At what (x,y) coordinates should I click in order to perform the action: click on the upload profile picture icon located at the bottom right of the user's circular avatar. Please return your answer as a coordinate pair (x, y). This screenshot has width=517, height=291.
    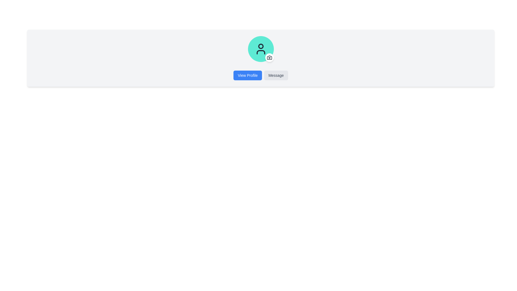
    Looking at the image, I should click on (269, 57).